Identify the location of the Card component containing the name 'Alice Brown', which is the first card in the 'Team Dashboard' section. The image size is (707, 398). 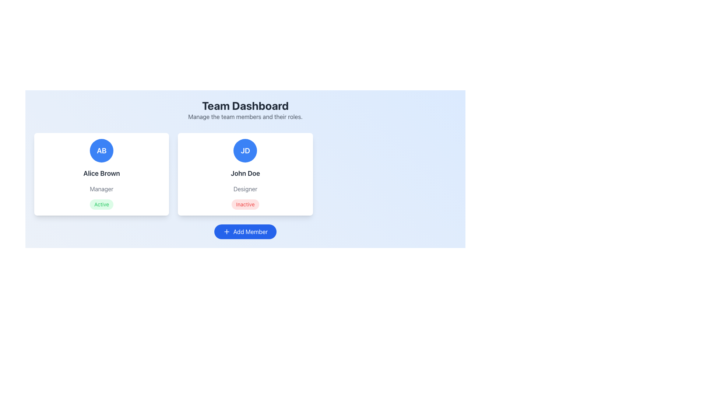
(101, 174).